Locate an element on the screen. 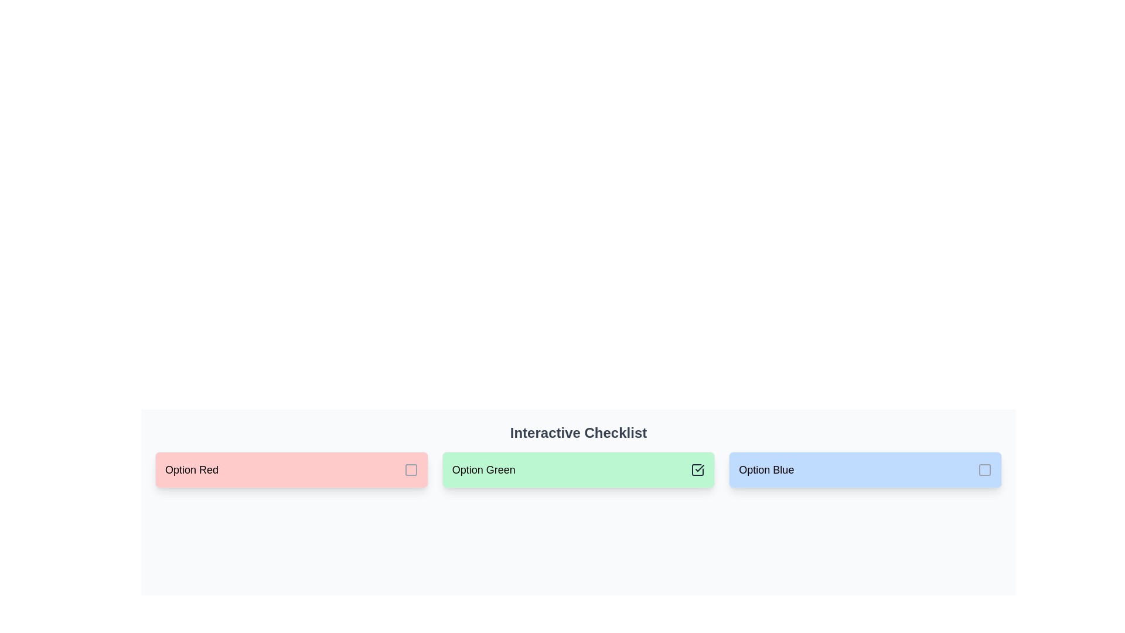 This screenshot has width=1125, height=633. the selectable card labeled 'Option Red', which is the first card in a horizontal grid of three options is located at coordinates (291, 469).